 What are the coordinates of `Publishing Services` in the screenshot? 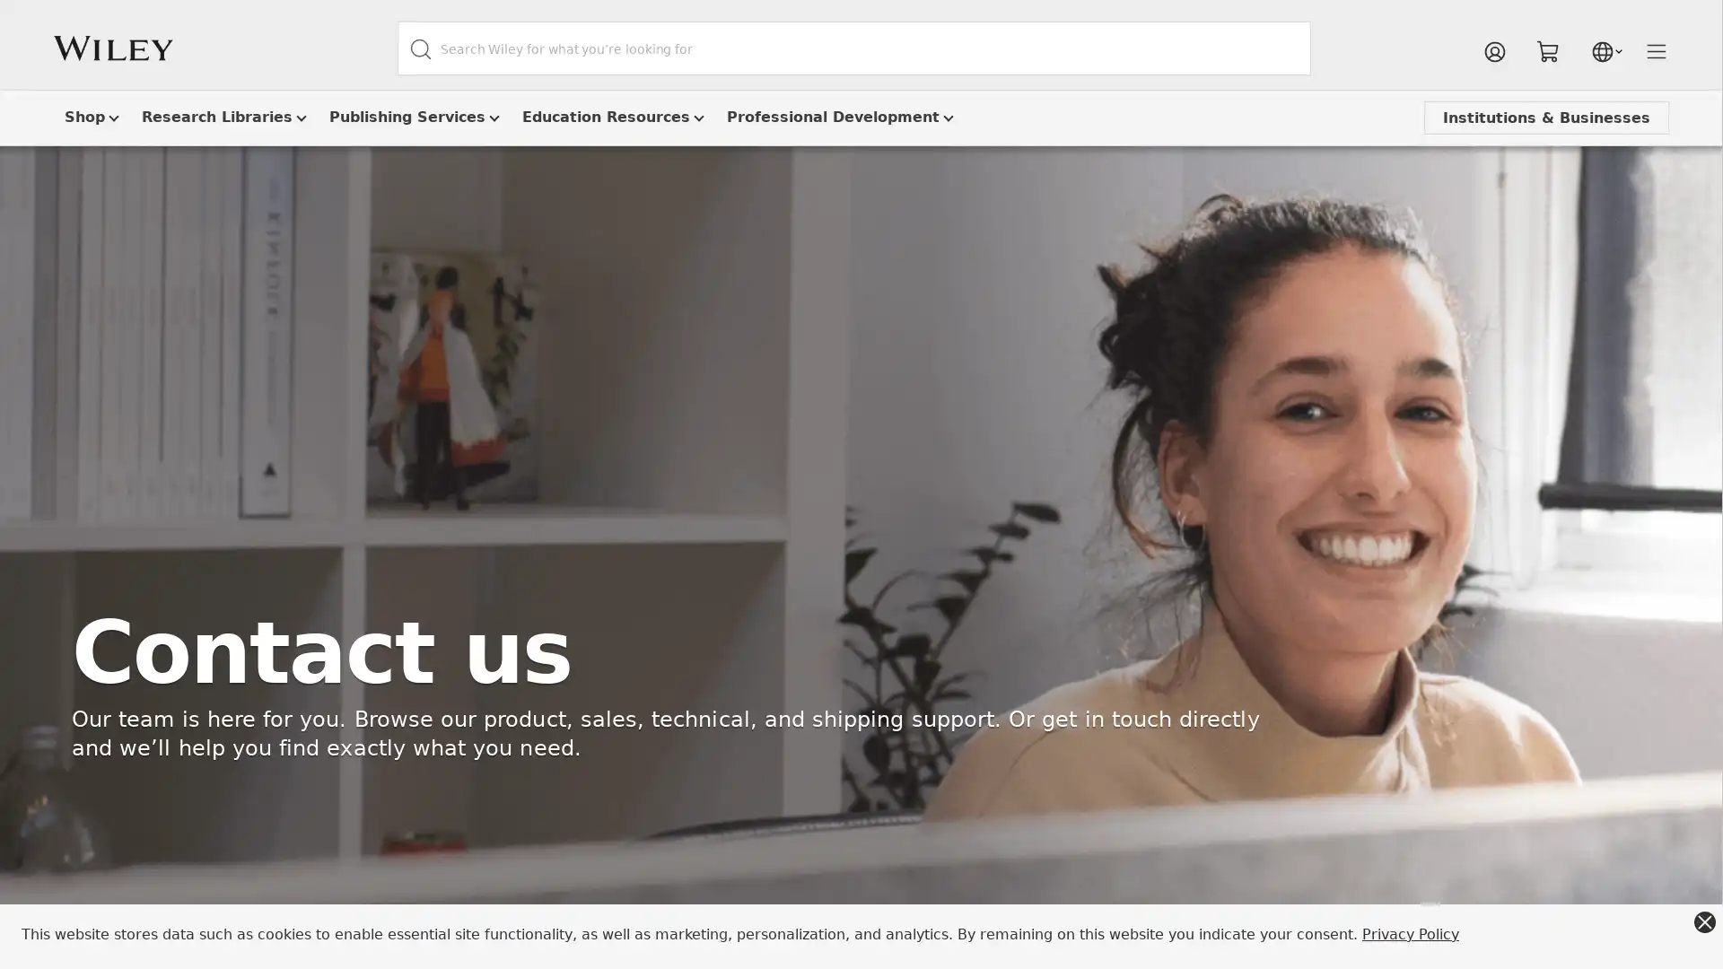 It's located at (412, 117).